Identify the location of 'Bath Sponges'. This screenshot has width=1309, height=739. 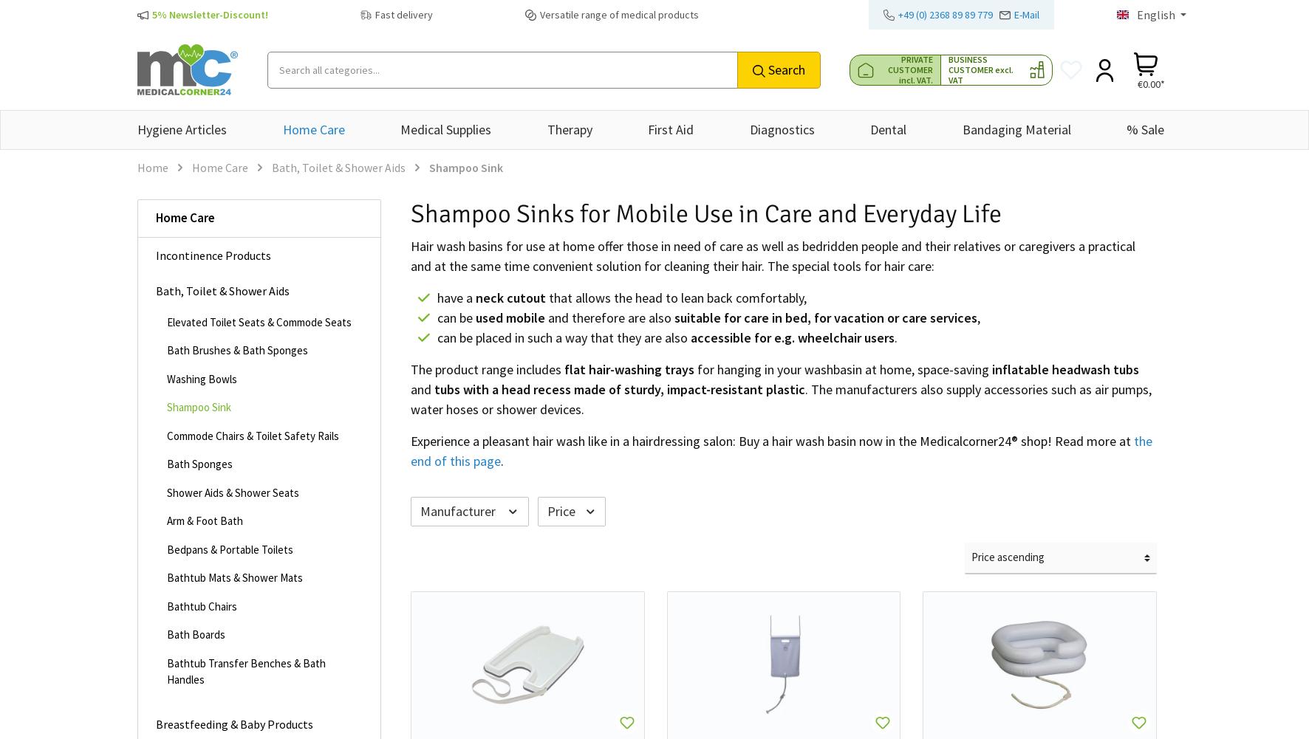
(199, 464).